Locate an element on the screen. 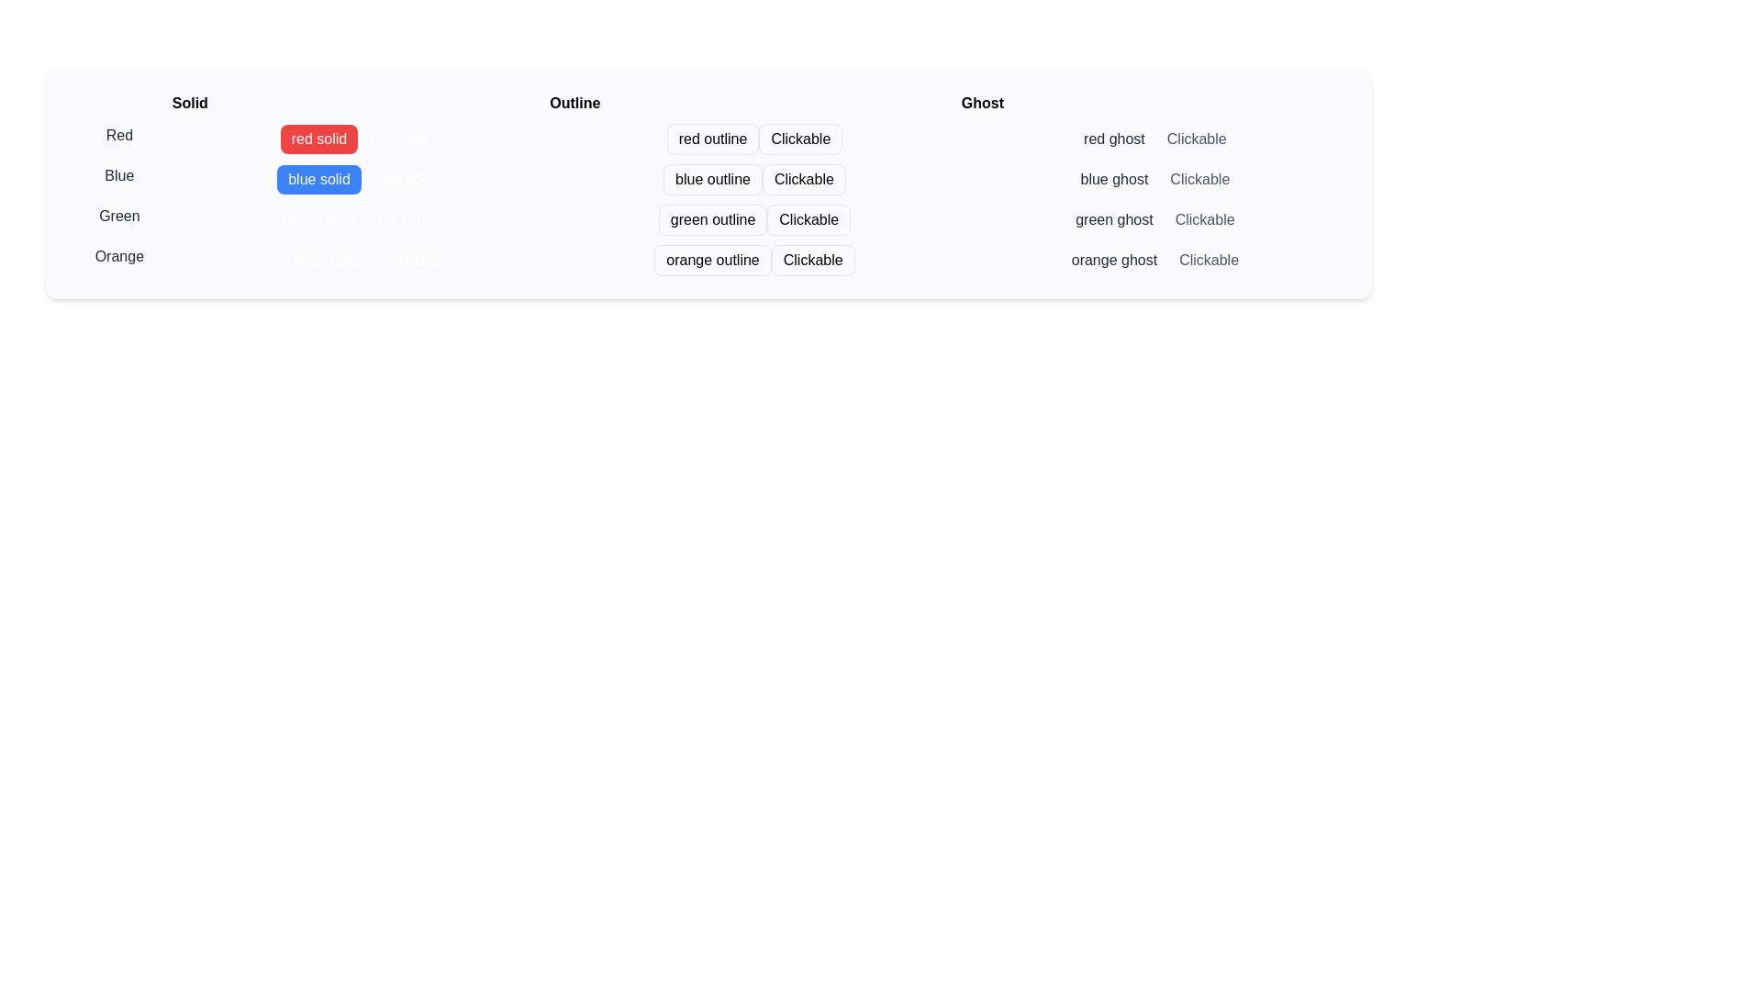 The image size is (1762, 991). text label 'Green' which is the third item in the 'Solid' section, styled in dark gray on a white background is located at coordinates (118, 215).